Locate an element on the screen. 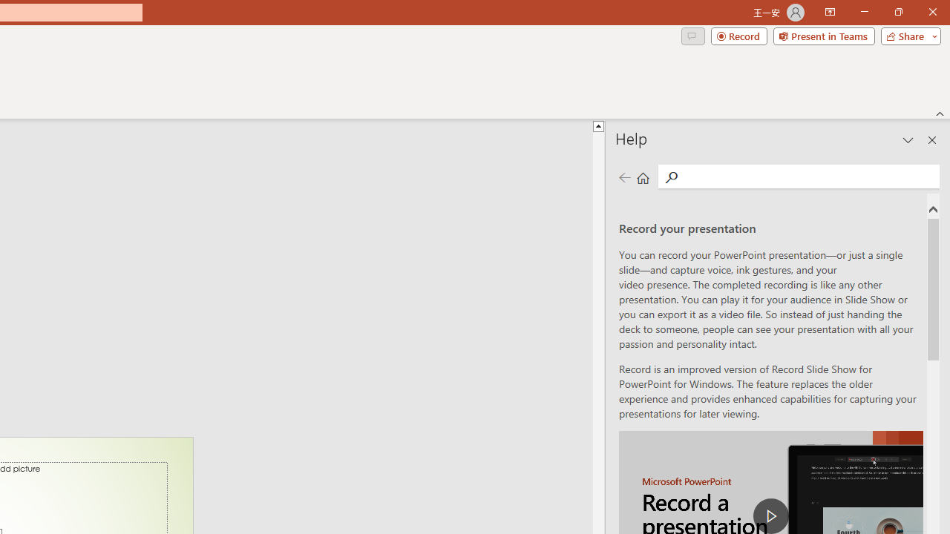  'Restore Down' is located at coordinates (897, 12).